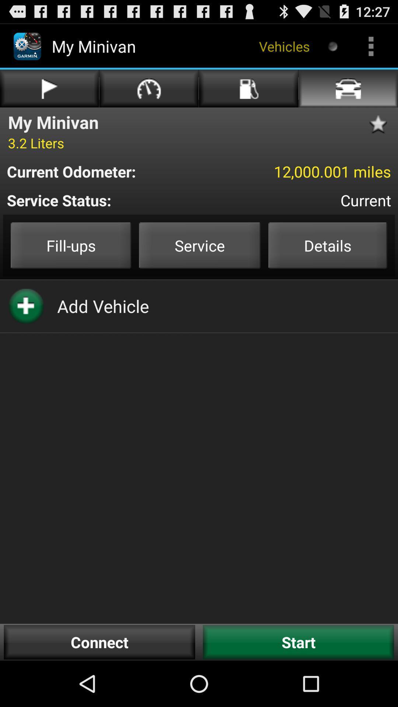 This screenshot has height=707, width=398. I want to click on connect at the bottom left corner, so click(99, 642).